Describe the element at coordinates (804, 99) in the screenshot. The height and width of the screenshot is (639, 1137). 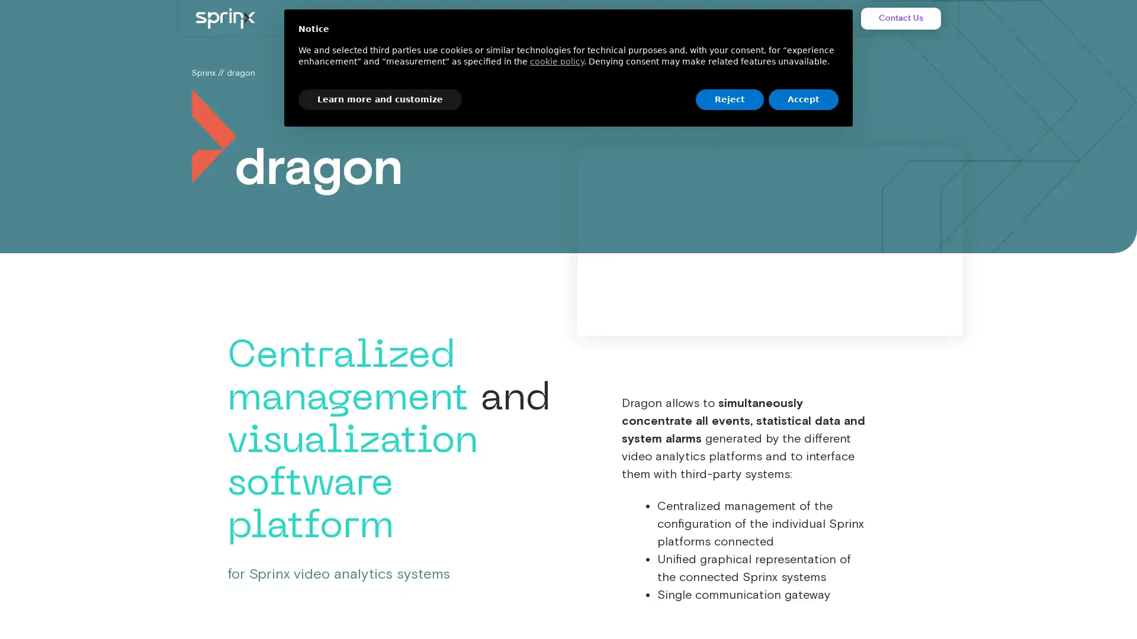
I see `Accept` at that location.